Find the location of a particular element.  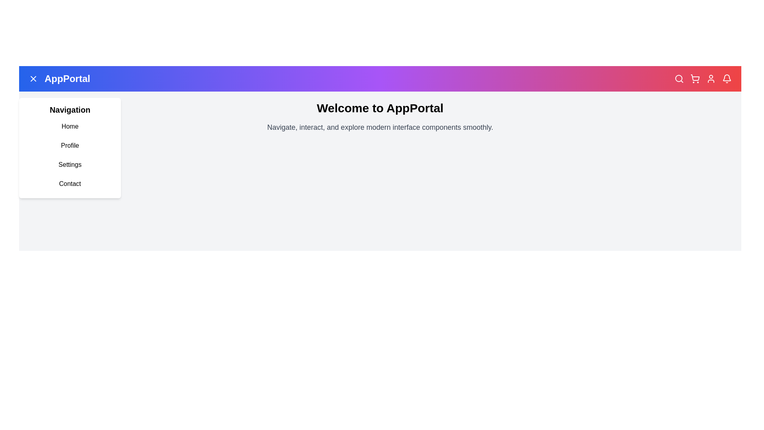

the user silhouette icon located in the upper-right corner of the interface is located at coordinates (711, 78).